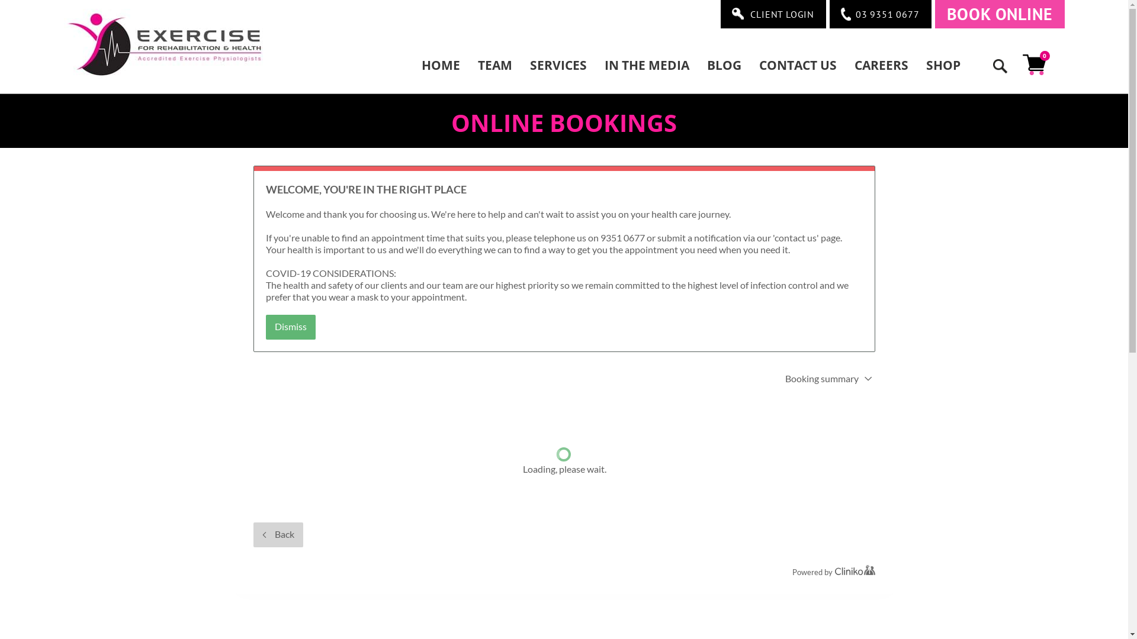 This screenshot has height=639, width=1137. Describe the element at coordinates (773, 14) in the screenshot. I see `'CLIENT LOGIN'` at that location.